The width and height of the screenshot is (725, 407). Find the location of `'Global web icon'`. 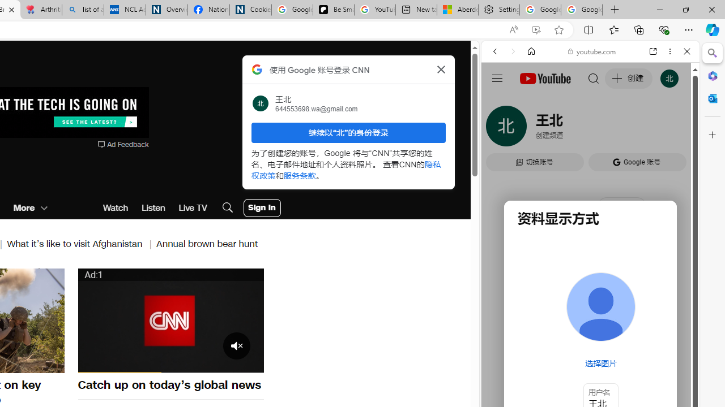

'Global web icon' is located at coordinates (502, 163).